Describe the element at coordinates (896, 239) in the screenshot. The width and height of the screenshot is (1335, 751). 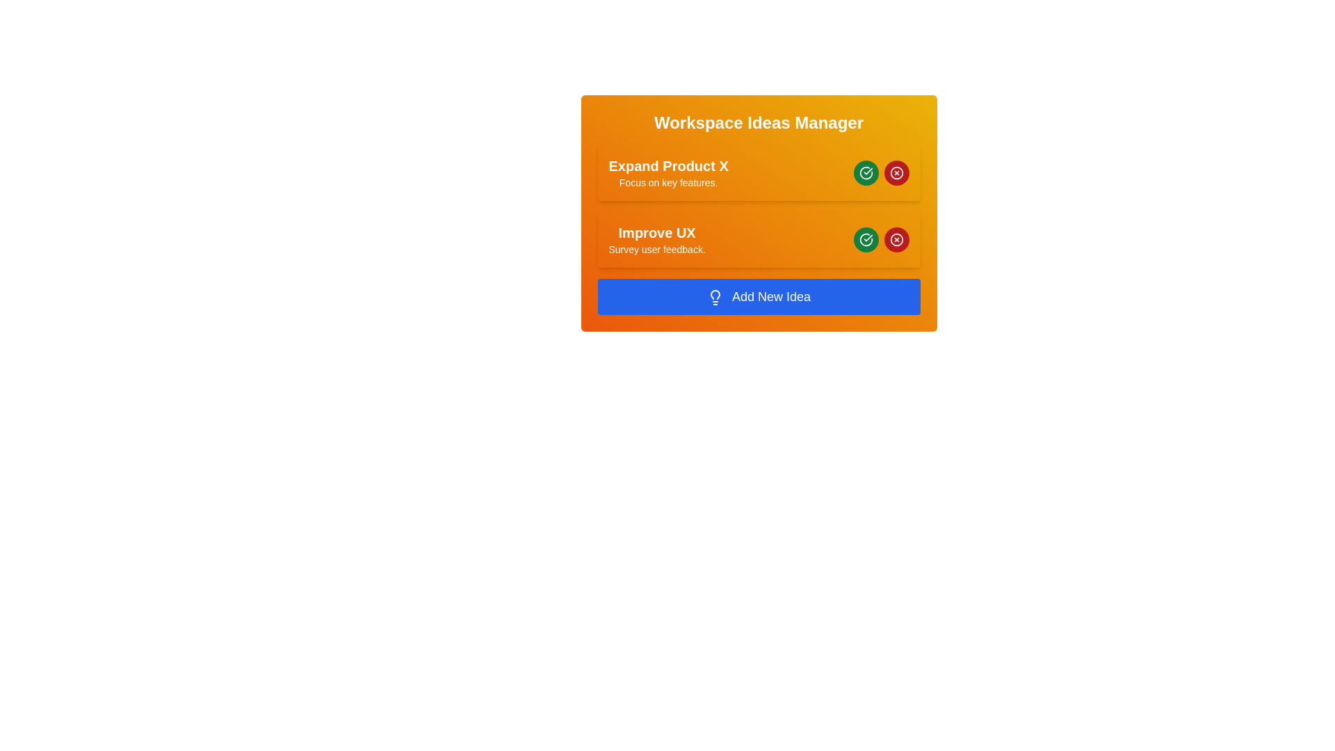
I see `the action button located in the action bar of the 'Improve UX' module, adjacent to the green circular button` at that location.